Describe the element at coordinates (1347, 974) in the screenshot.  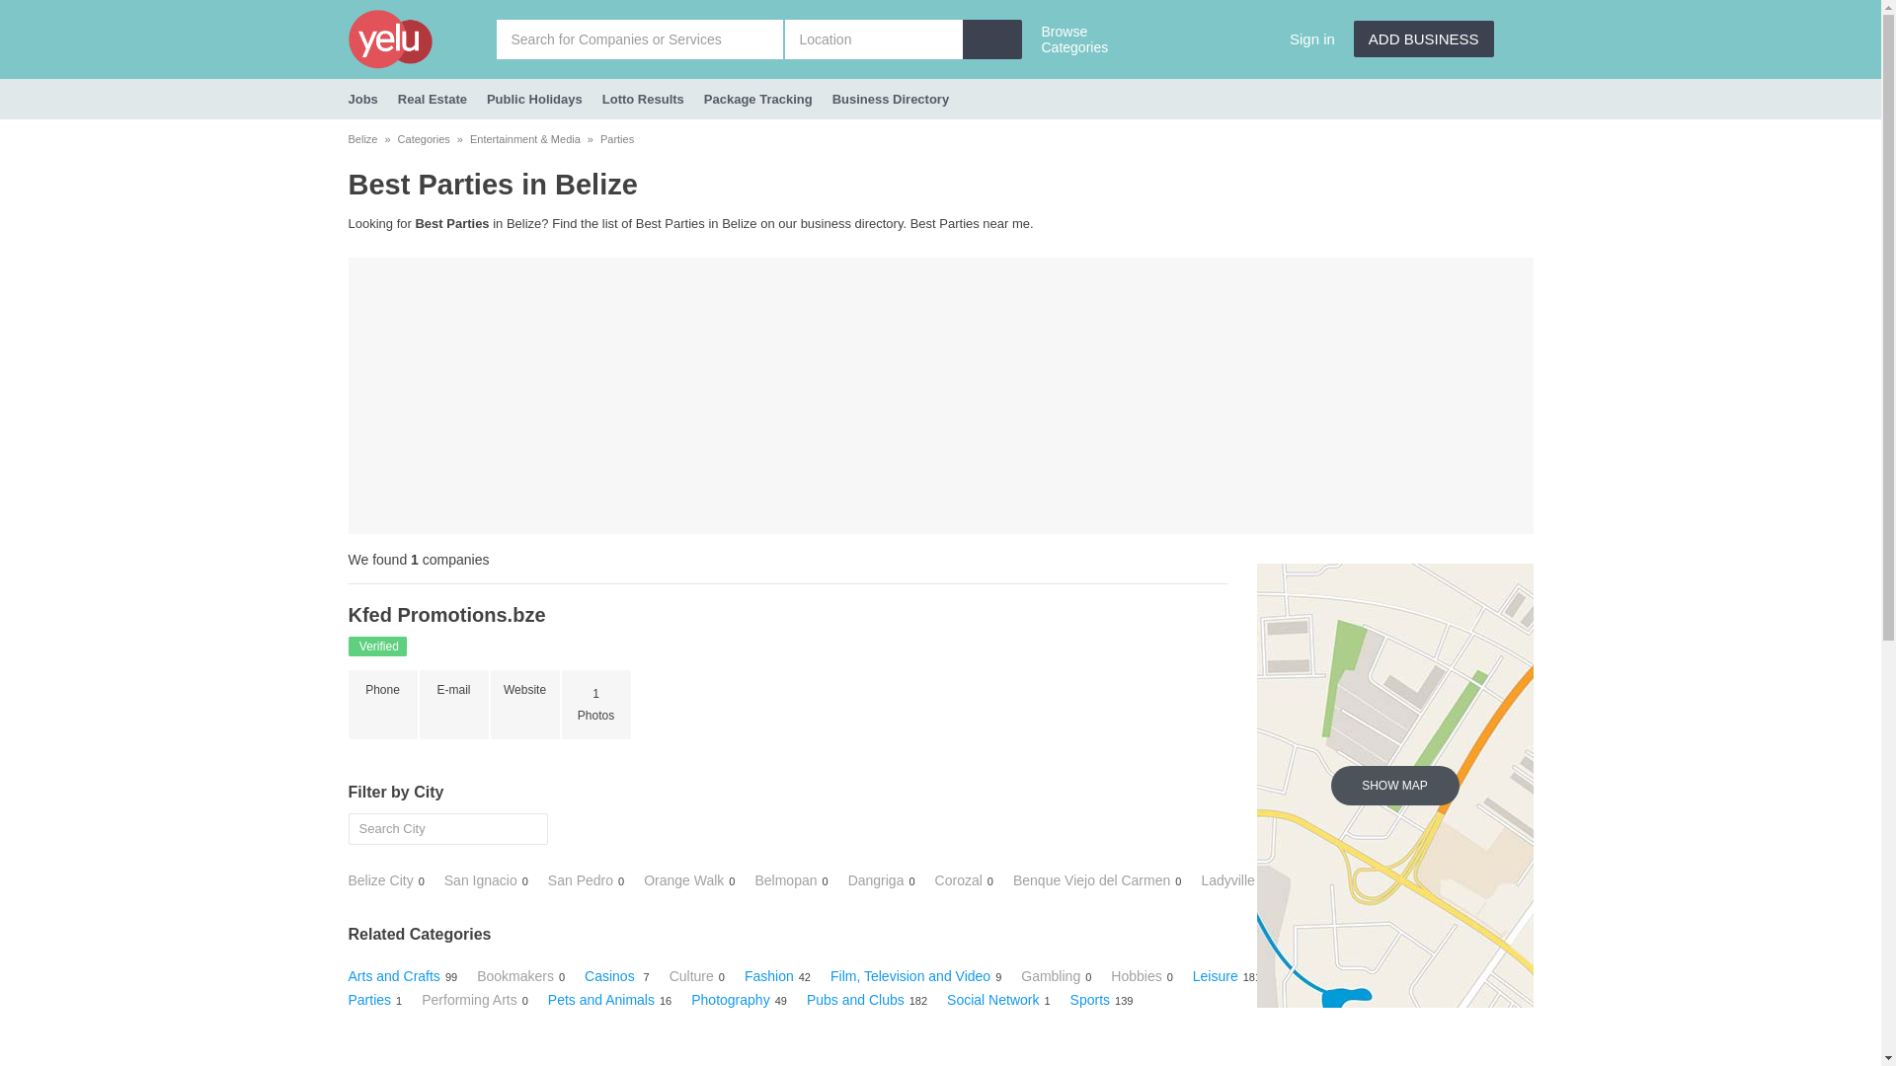
I see `'Lifestyle Management'` at that location.